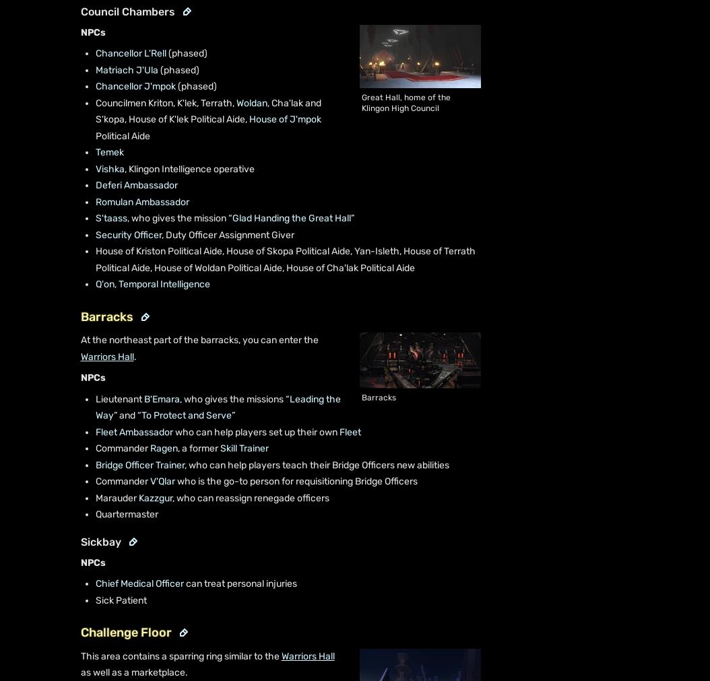  What do you see at coordinates (368, 649) in the screenshot?
I see `'Privacy Policy'` at bounding box center [368, 649].